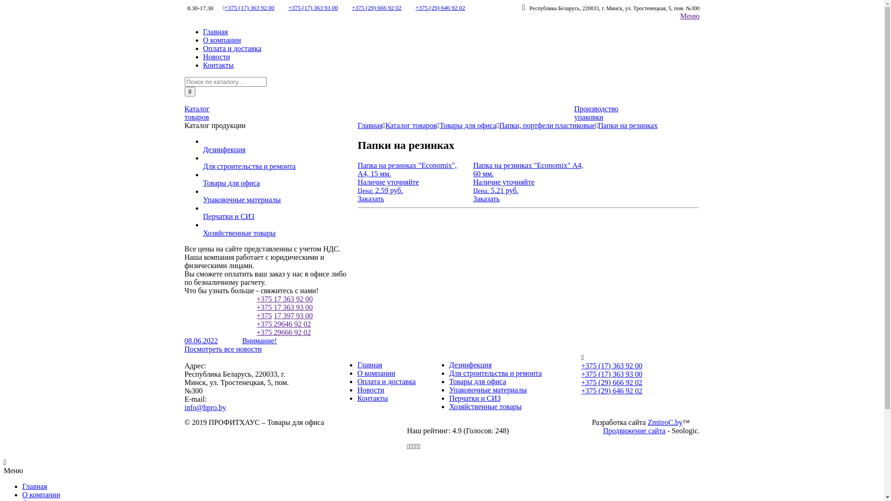 This screenshot has height=501, width=891. I want to click on '+375 (17) 363 93 00', so click(313, 7).